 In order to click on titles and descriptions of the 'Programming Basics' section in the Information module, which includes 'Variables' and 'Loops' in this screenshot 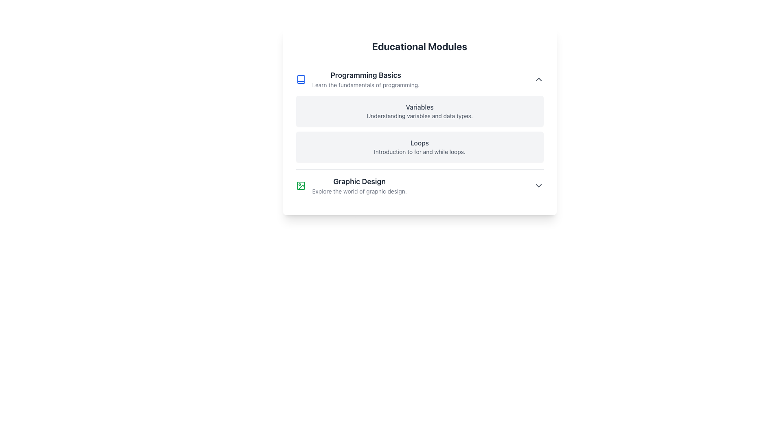, I will do `click(420, 116)`.